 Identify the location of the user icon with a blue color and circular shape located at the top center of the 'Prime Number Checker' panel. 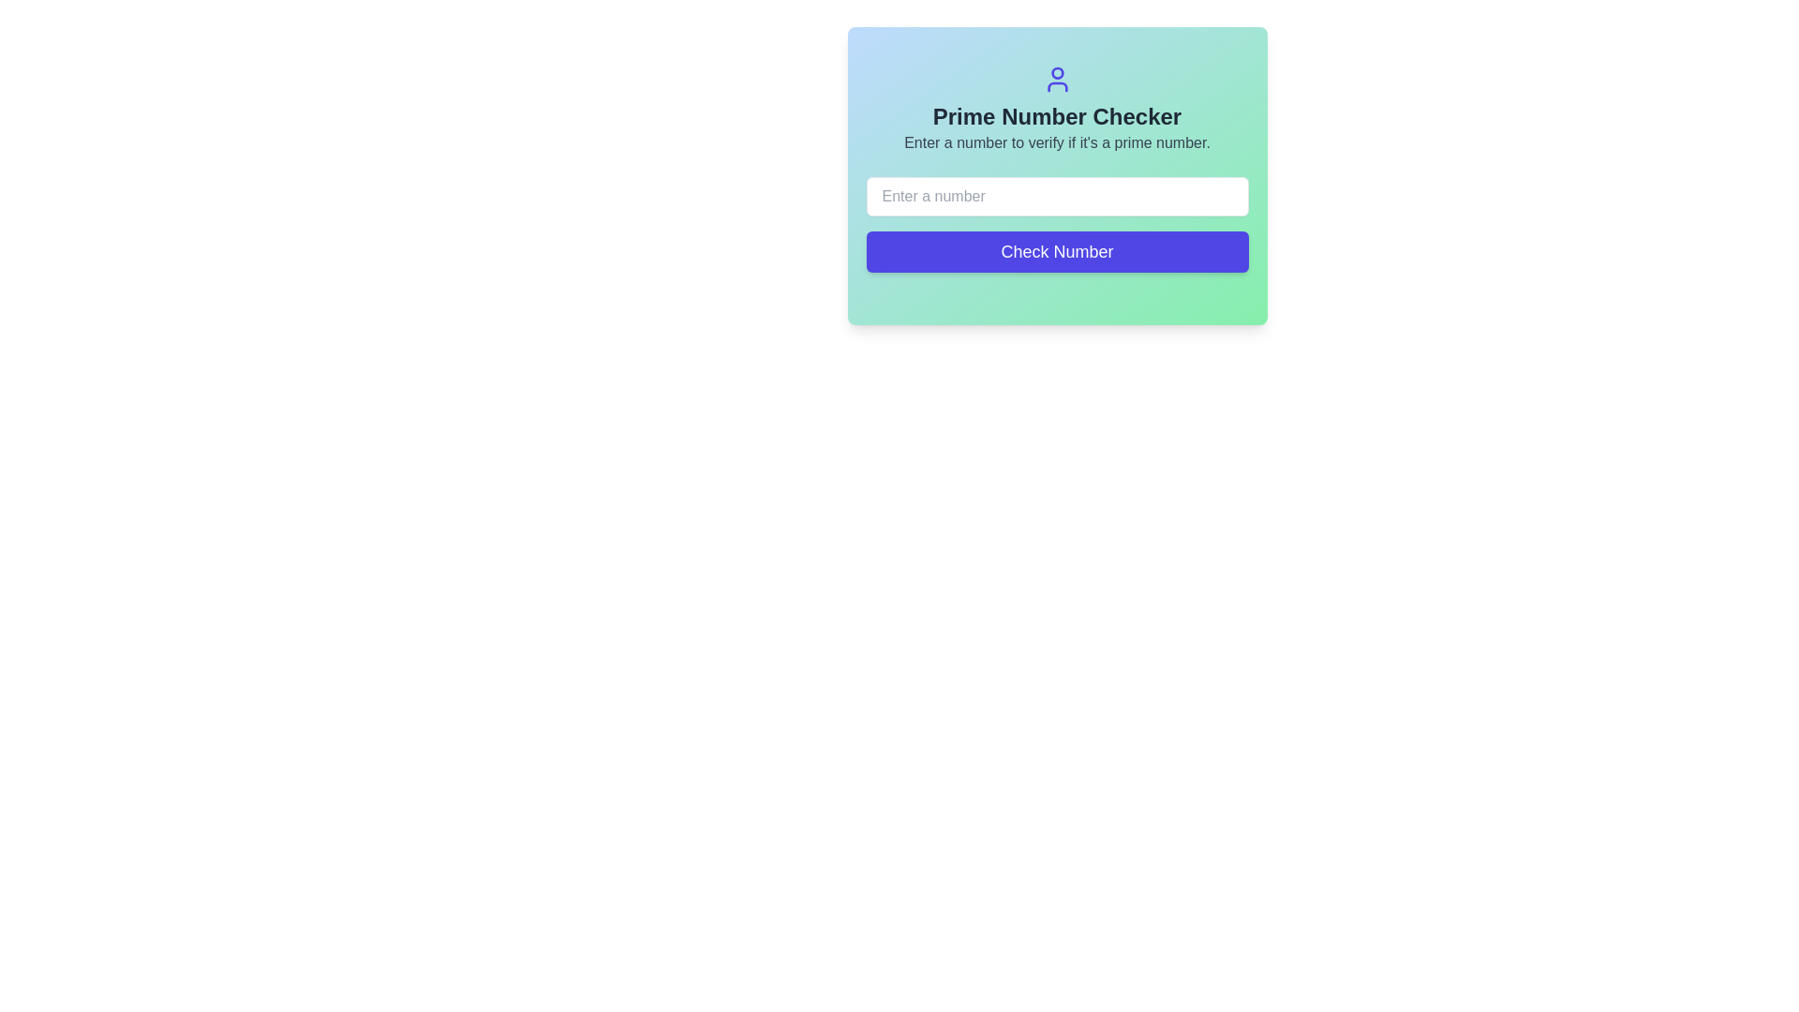
(1057, 78).